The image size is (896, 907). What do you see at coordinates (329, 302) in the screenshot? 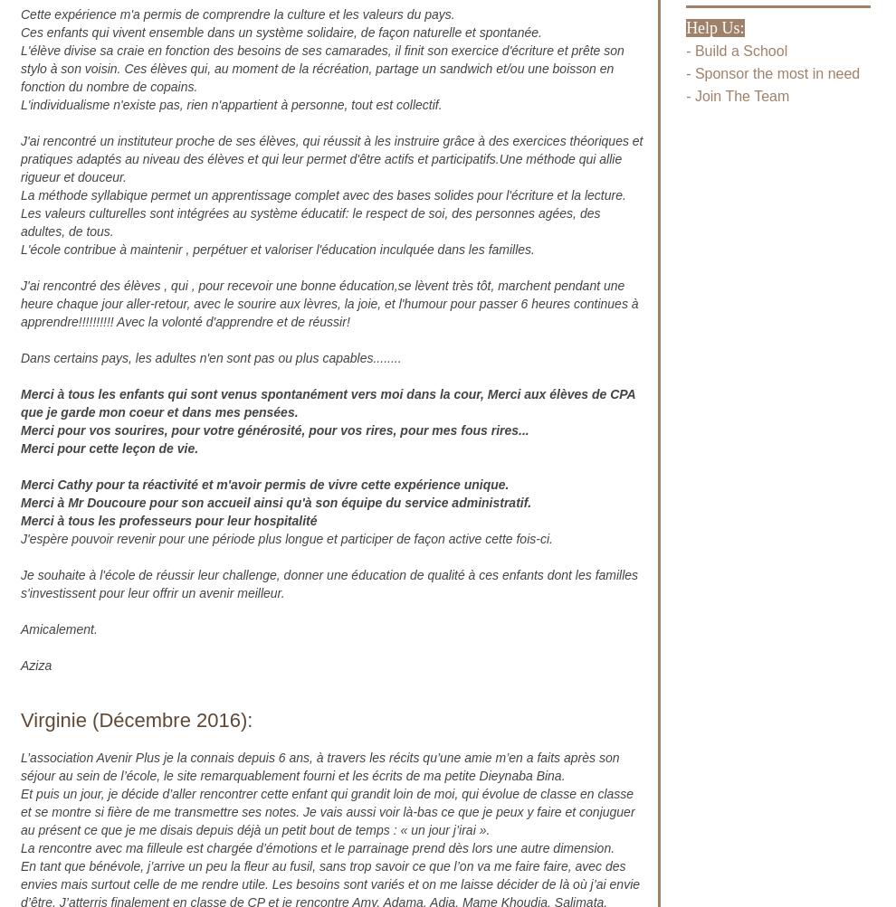
I see `'J'ai rencontré des élèves , qui , pour recevoir une bonne éducation,se lèvent très tôt, marchent pendant une heure chaque jour aller-retour, avec le sourire aux lèvres, la joie, et l'humour pour passer 6 heures continues à apprendre!!!!!!!!!!  Avec la volonté d'apprendre et de réussir!'` at bounding box center [329, 302].